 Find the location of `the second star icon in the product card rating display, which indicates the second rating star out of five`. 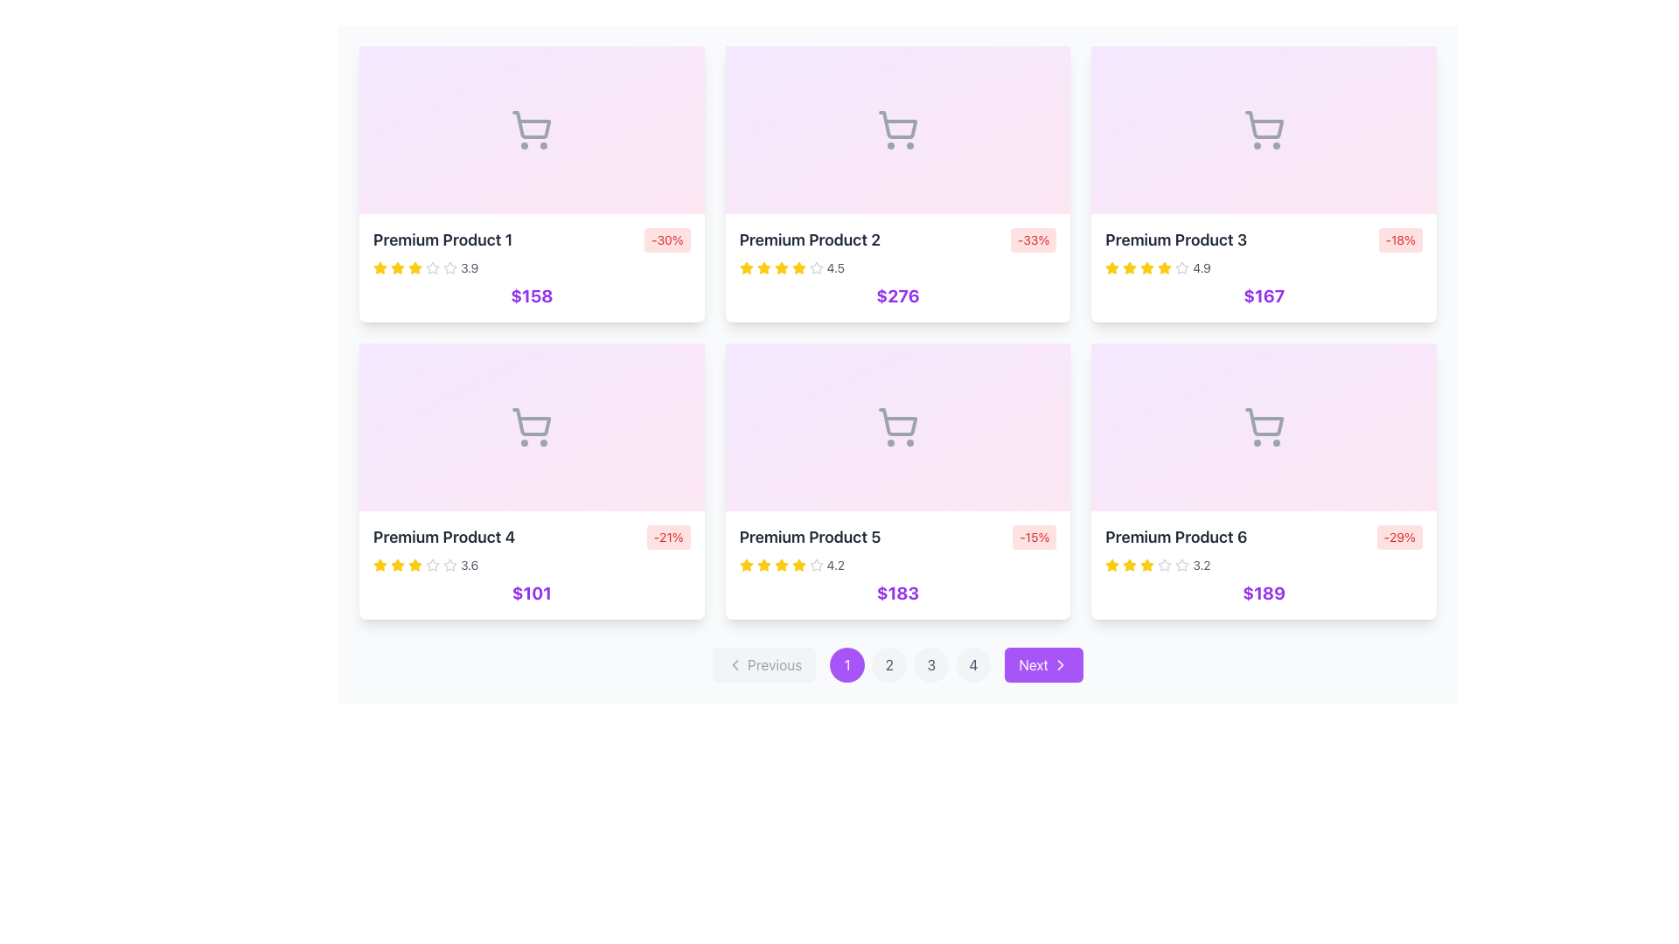

the second star icon in the product card rating display, which indicates the second rating star out of five is located at coordinates (415, 565).